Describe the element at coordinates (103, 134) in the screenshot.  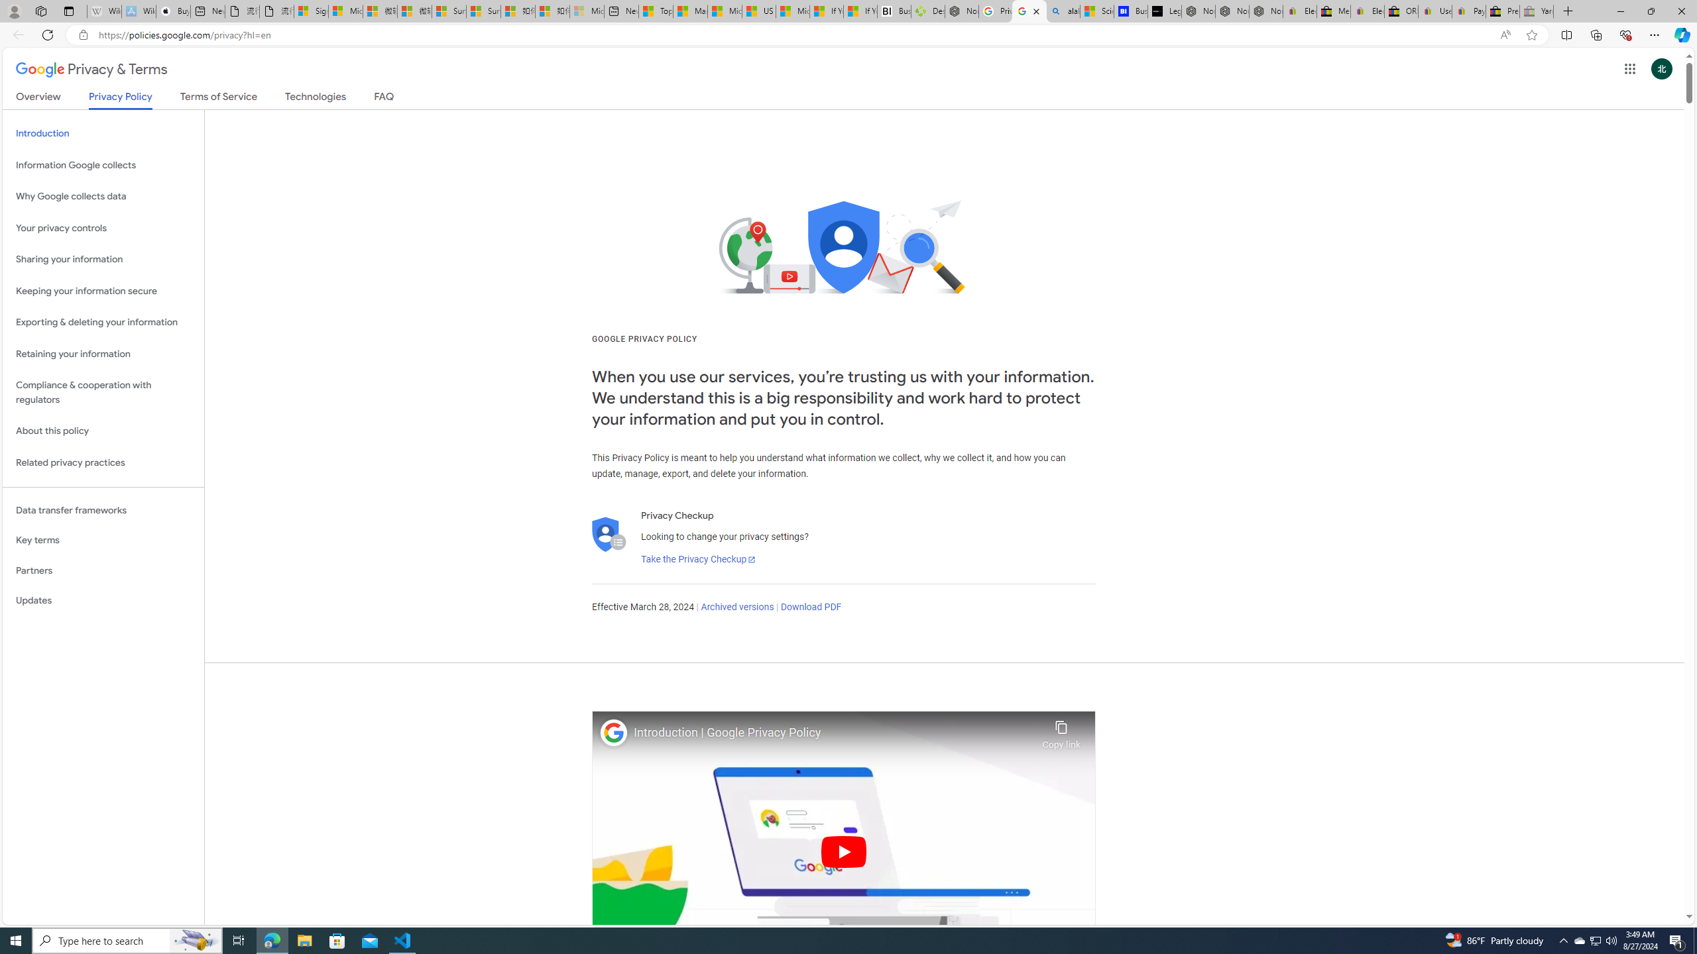
I see `'Introduction'` at that location.